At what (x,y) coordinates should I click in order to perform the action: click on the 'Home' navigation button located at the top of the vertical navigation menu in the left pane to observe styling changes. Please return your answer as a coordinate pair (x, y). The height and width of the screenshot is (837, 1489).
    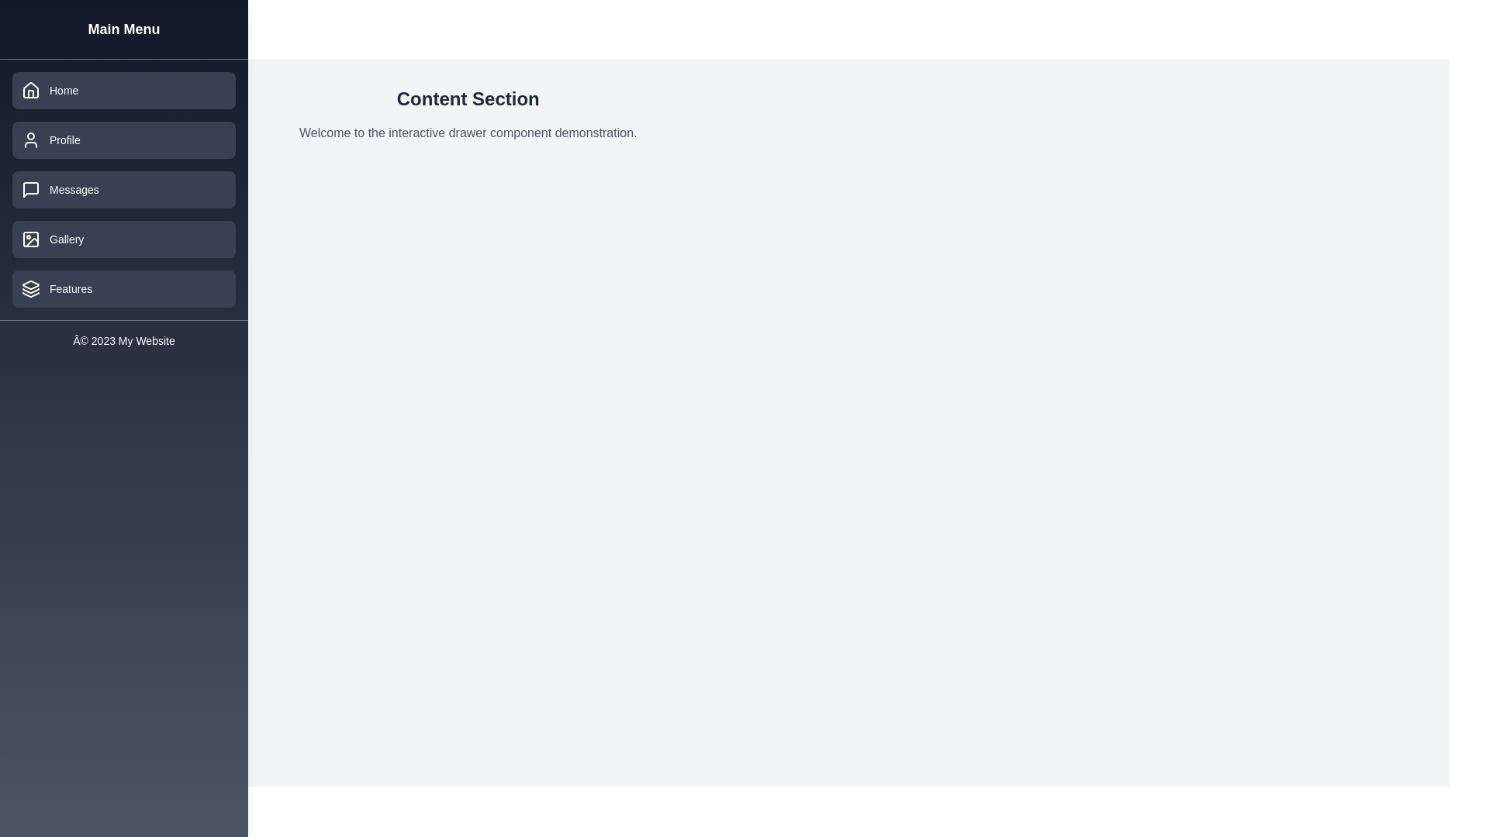
    Looking at the image, I should click on (123, 90).